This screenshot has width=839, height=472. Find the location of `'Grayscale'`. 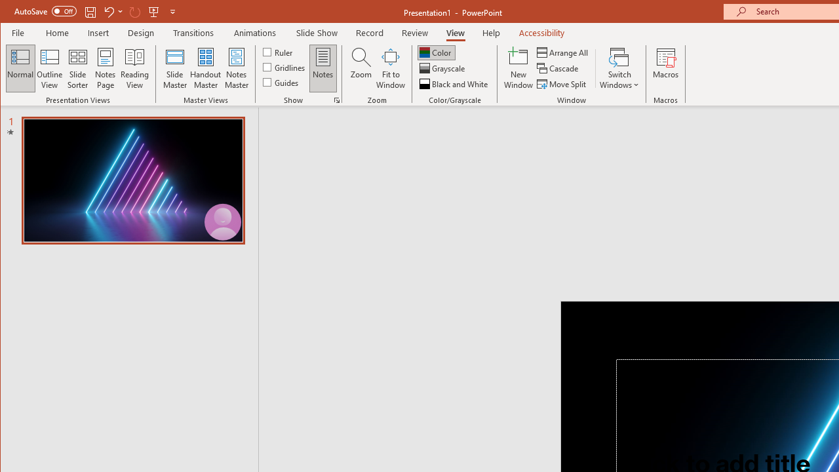

'Grayscale' is located at coordinates (443, 68).